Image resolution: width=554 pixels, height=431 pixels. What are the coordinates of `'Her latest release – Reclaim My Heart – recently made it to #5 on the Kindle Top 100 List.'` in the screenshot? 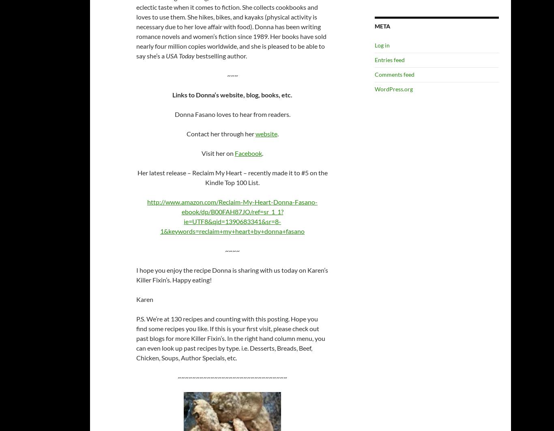 It's located at (137, 177).